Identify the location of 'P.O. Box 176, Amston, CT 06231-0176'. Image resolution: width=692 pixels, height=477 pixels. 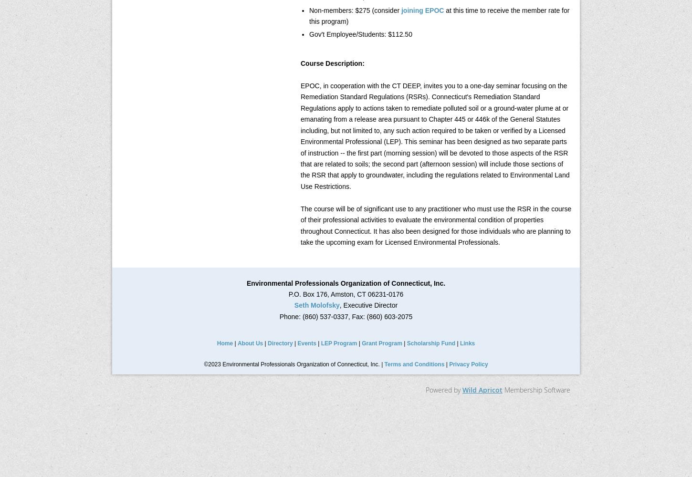
(345, 293).